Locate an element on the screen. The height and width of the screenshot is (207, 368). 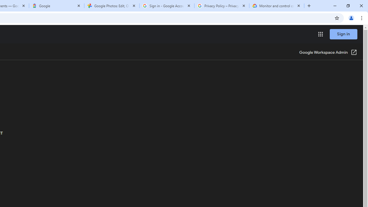
'Sign in - Google Accounts' is located at coordinates (166, 6).